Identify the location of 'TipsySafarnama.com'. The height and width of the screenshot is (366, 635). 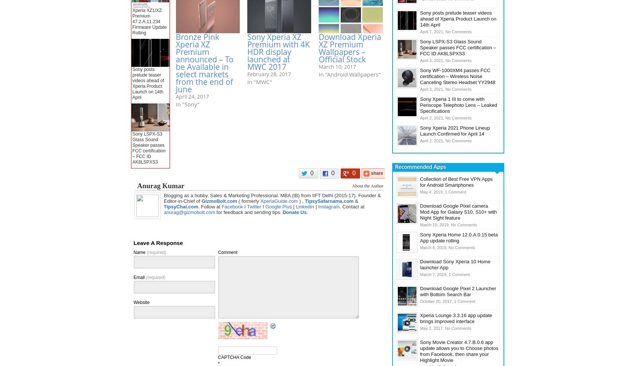
(329, 201).